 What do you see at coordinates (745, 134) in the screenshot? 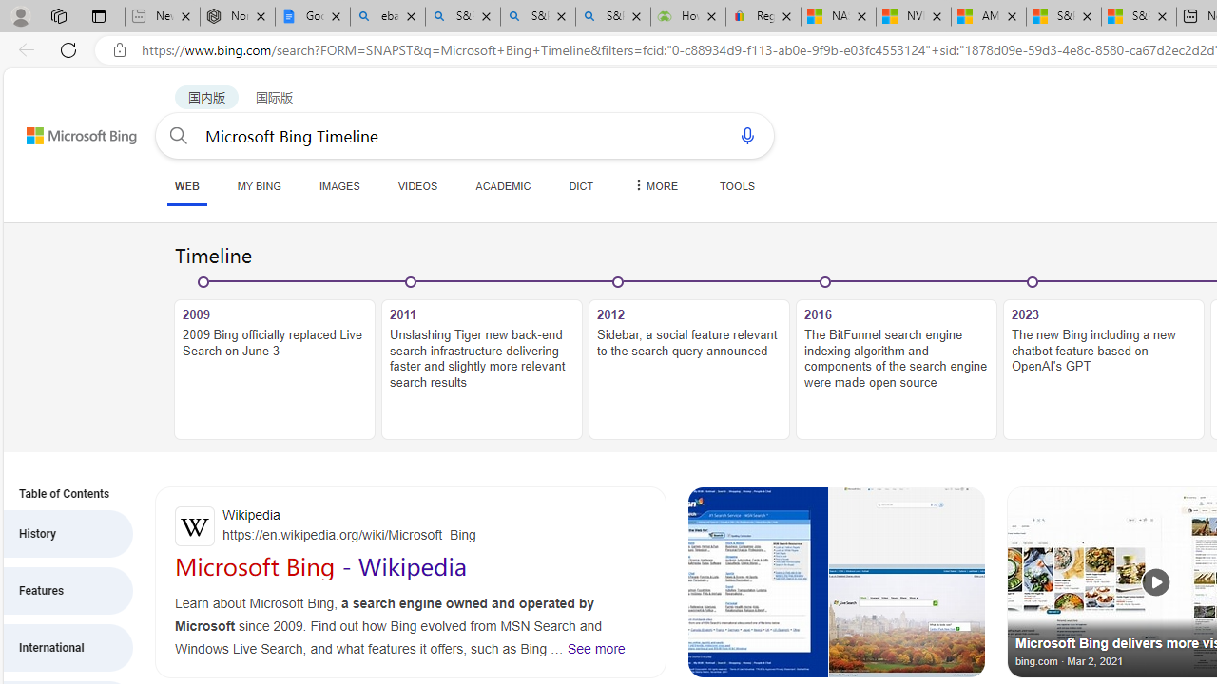
I see `'Search using voice'` at bounding box center [745, 134].